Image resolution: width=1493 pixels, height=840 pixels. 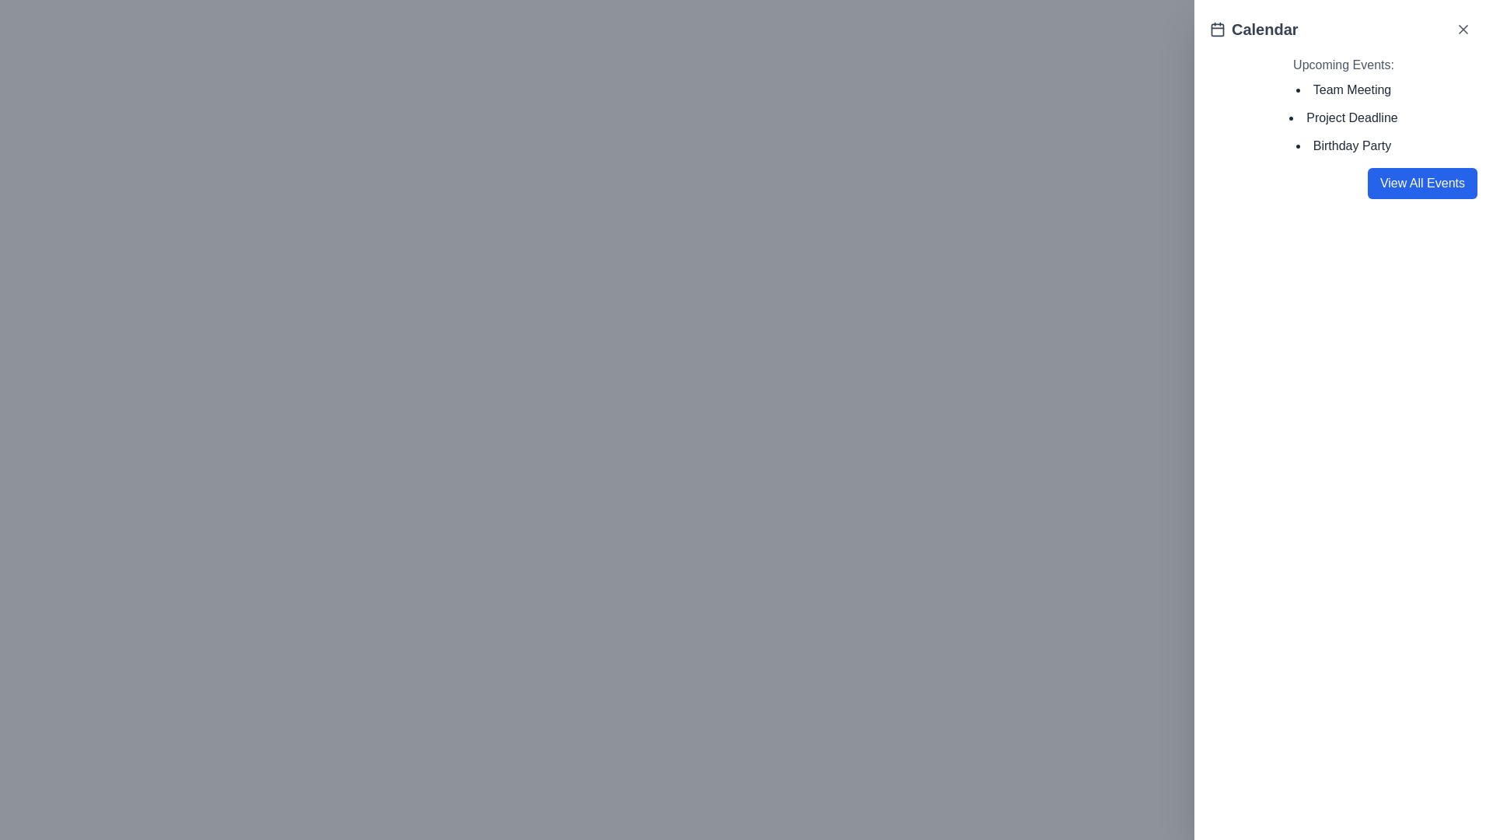 I want to click on the close button located in the top-right corner of the calendar section, so click(x=1462, y=30).